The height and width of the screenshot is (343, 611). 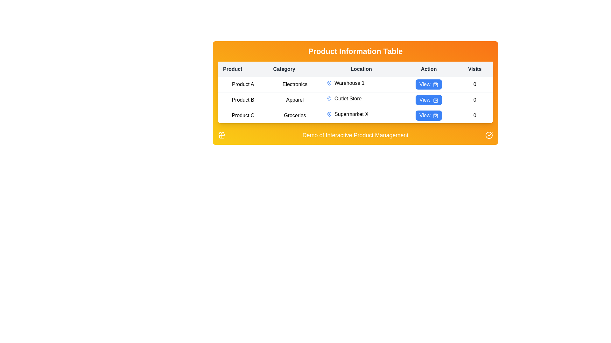 What do you see at coordinates (435, 84) in the screenshot?
I see `the shopping-related icon inside the blue 'View' button located in the 'Action' column of the table` at bounding box center [435, 84].